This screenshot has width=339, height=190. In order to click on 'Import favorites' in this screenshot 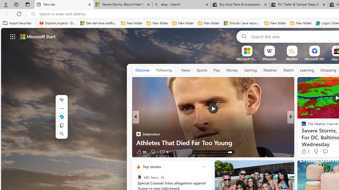, I will do `click(17, 23)`.